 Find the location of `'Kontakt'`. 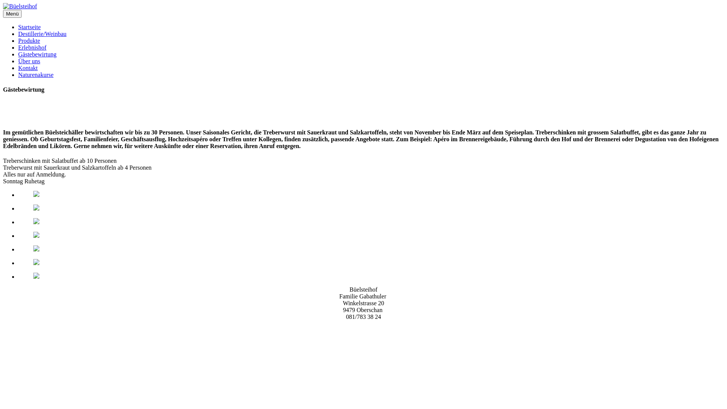

'Kontakt' is located at coordinates (28, 67).